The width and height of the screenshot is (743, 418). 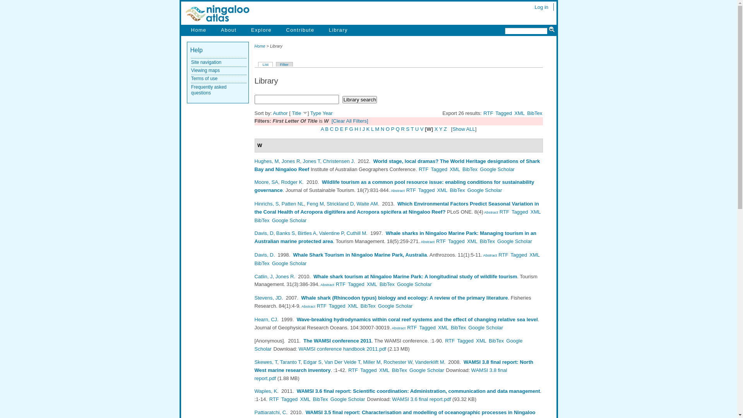 What do you see at coordinates (406, 128) in the screenshot?
I see `'S'` at bounding box center [406, 128].